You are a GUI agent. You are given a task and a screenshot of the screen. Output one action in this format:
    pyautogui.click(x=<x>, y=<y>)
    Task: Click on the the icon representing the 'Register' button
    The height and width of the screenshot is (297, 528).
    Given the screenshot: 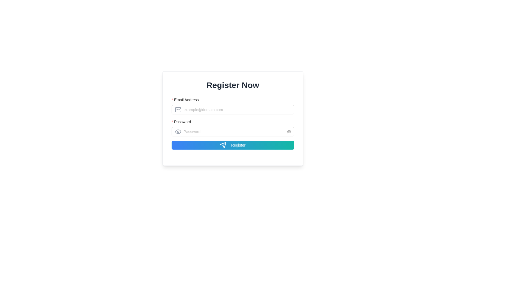 What is the action you would take?
    pyautogui.click(x=223, y=145)
    